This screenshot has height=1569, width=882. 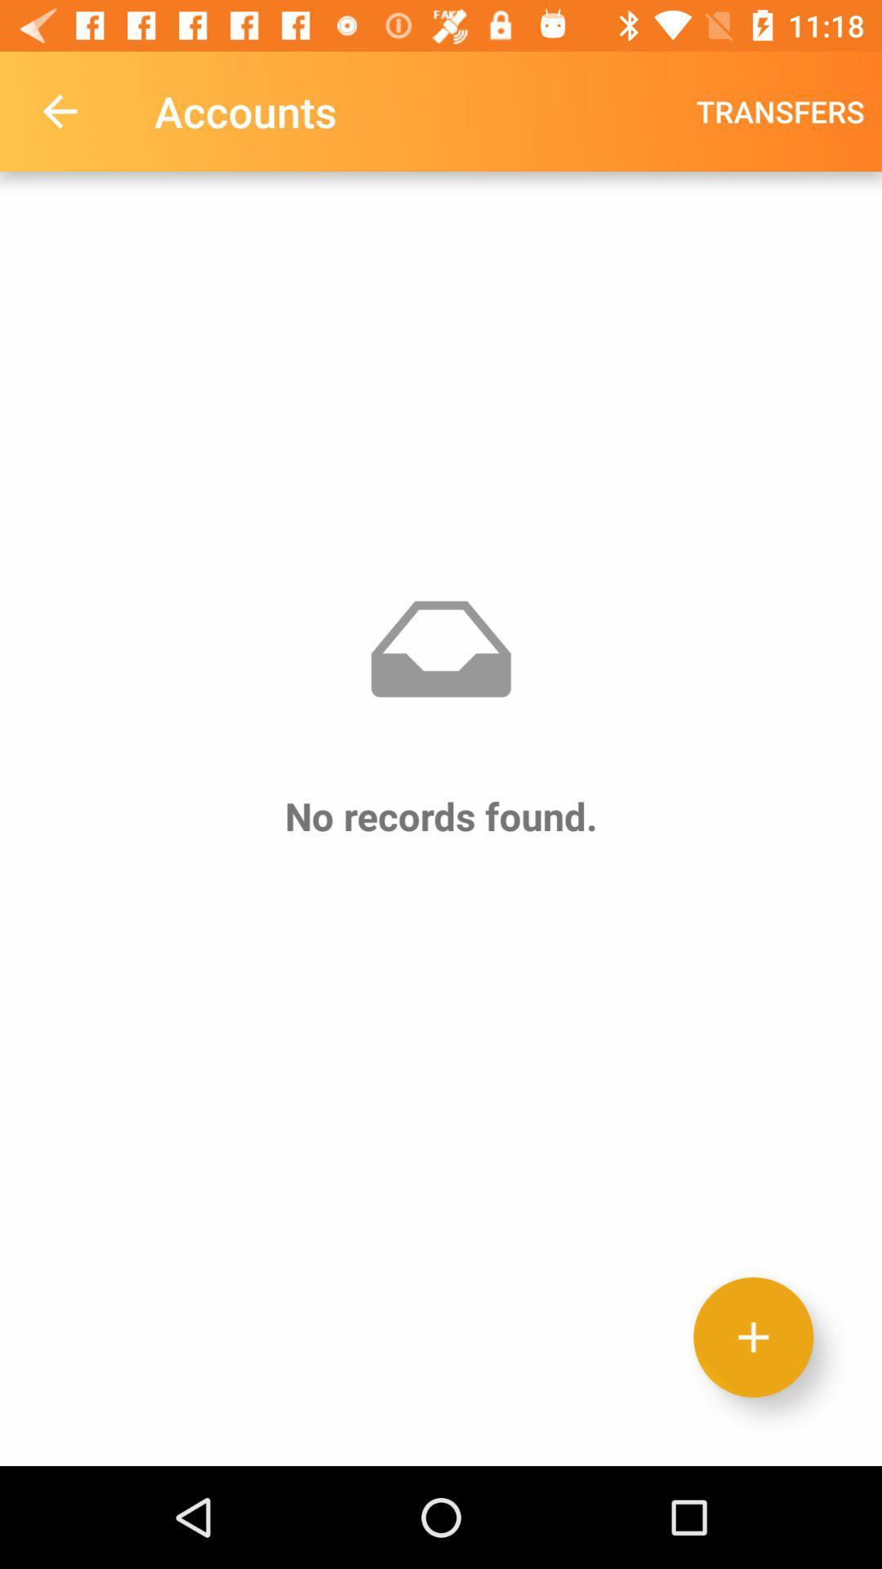 I want to click on the icon above no records found. icon, so click(x=779, y=110).